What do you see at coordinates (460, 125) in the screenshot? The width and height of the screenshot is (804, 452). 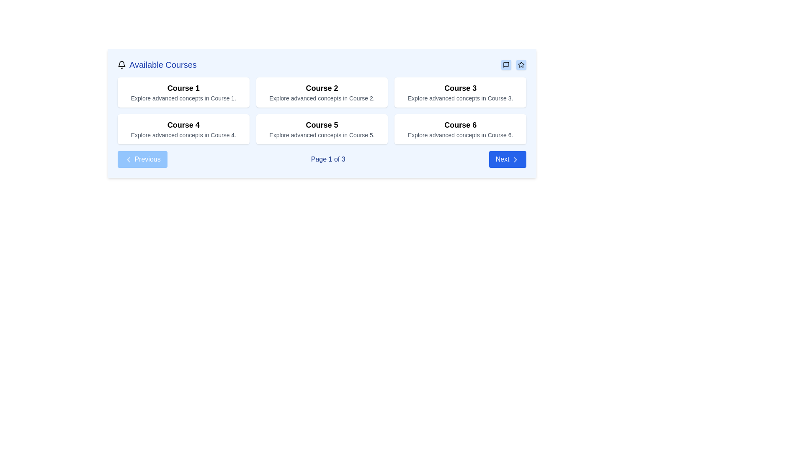 I see `title text of the course card located in the second row, third column, which serves as the primary identifier for the course being represented` at bounding box center [460, 125].